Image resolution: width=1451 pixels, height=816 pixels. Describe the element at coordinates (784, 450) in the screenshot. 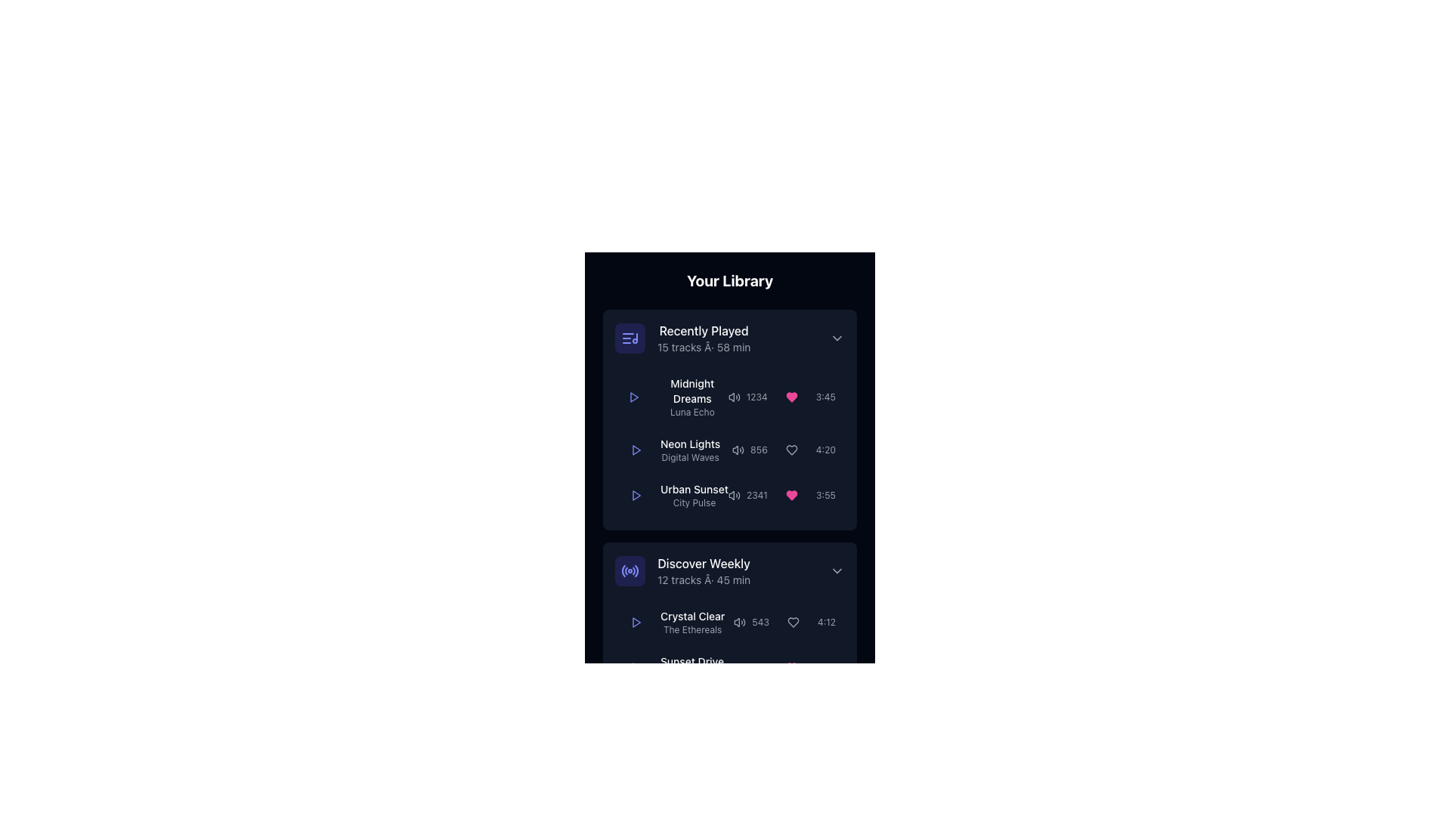

I see `the Decorative metadata component located in the second row of the 'Recently Played' list, which includes a volume indication, play count, decorative heart icon, and duration` at that location.